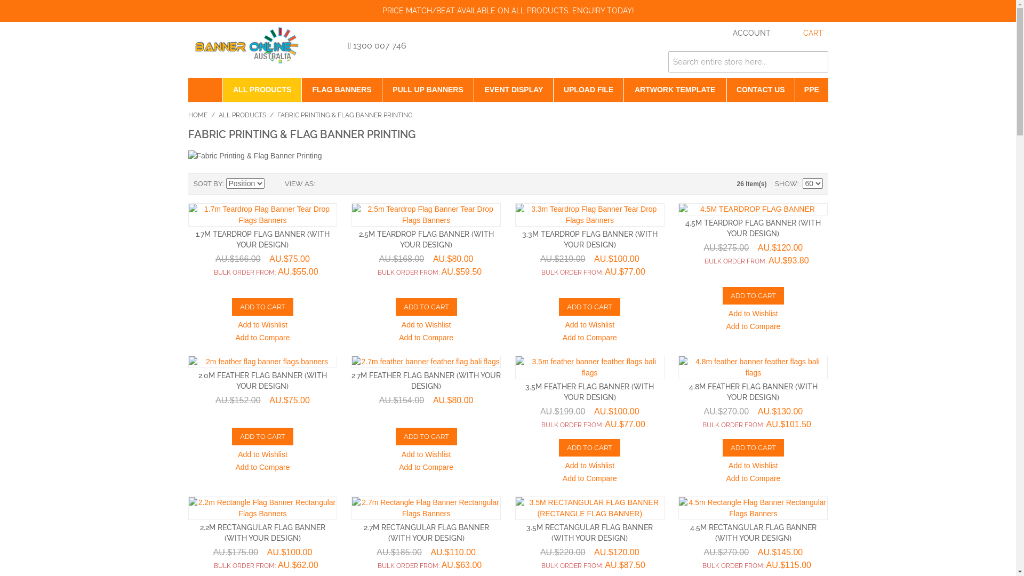  I want to click on '2.7M FEATHER FLAG BANNER (WITH YOUR DESIGN)', so click(425, 380).